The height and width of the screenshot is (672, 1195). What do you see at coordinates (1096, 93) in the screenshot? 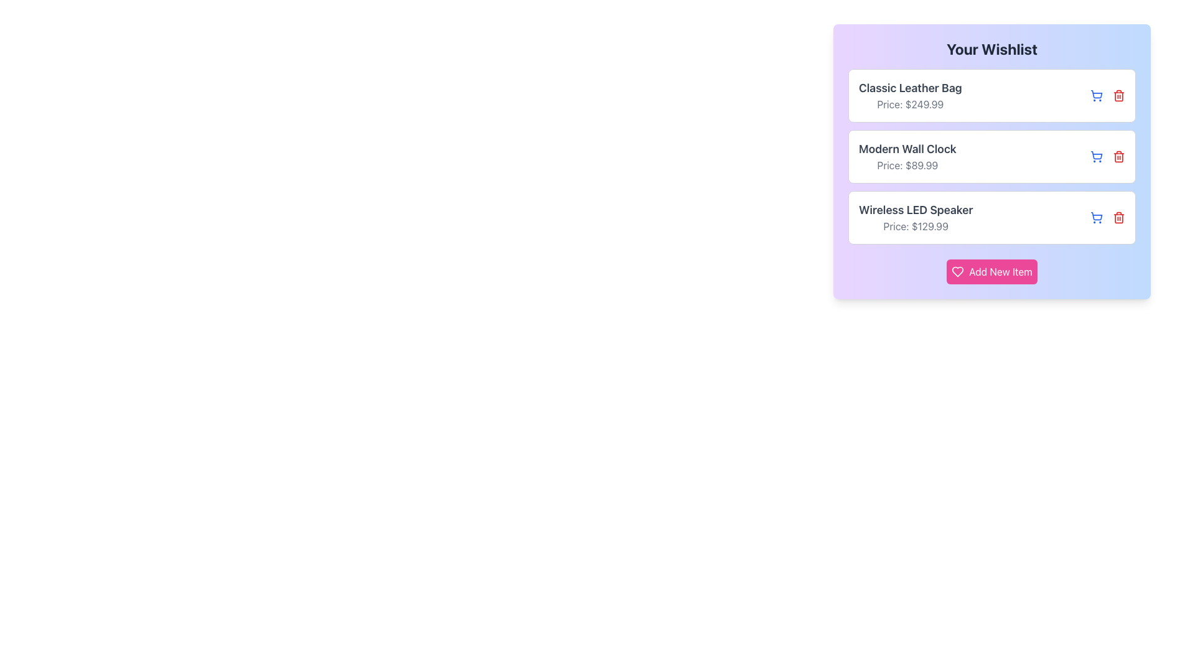
I see `the blue outlined shopping cart icon located to the right of the 'Wireless LED Speaker' entry in the 'Your Wishlist' interface` at bounding box center [1096, 93].